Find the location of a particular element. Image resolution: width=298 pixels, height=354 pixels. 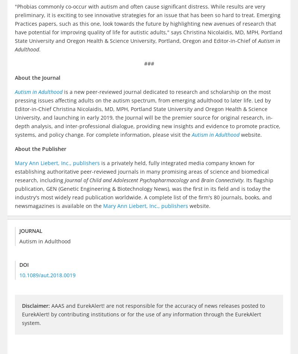

'Journal' is located at coordinates (31, 231).